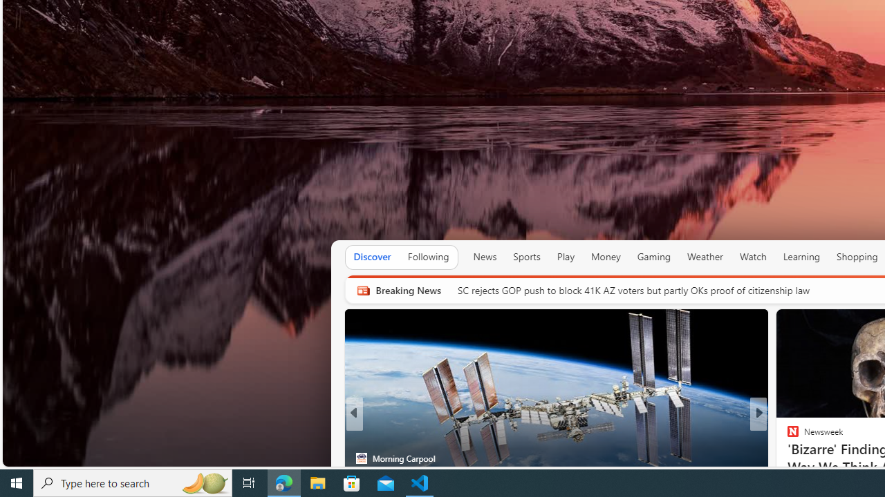 The width and height of the screenshot is (885, 497). I want to click on 'ETNT Mind+Body', so click(787, 436).